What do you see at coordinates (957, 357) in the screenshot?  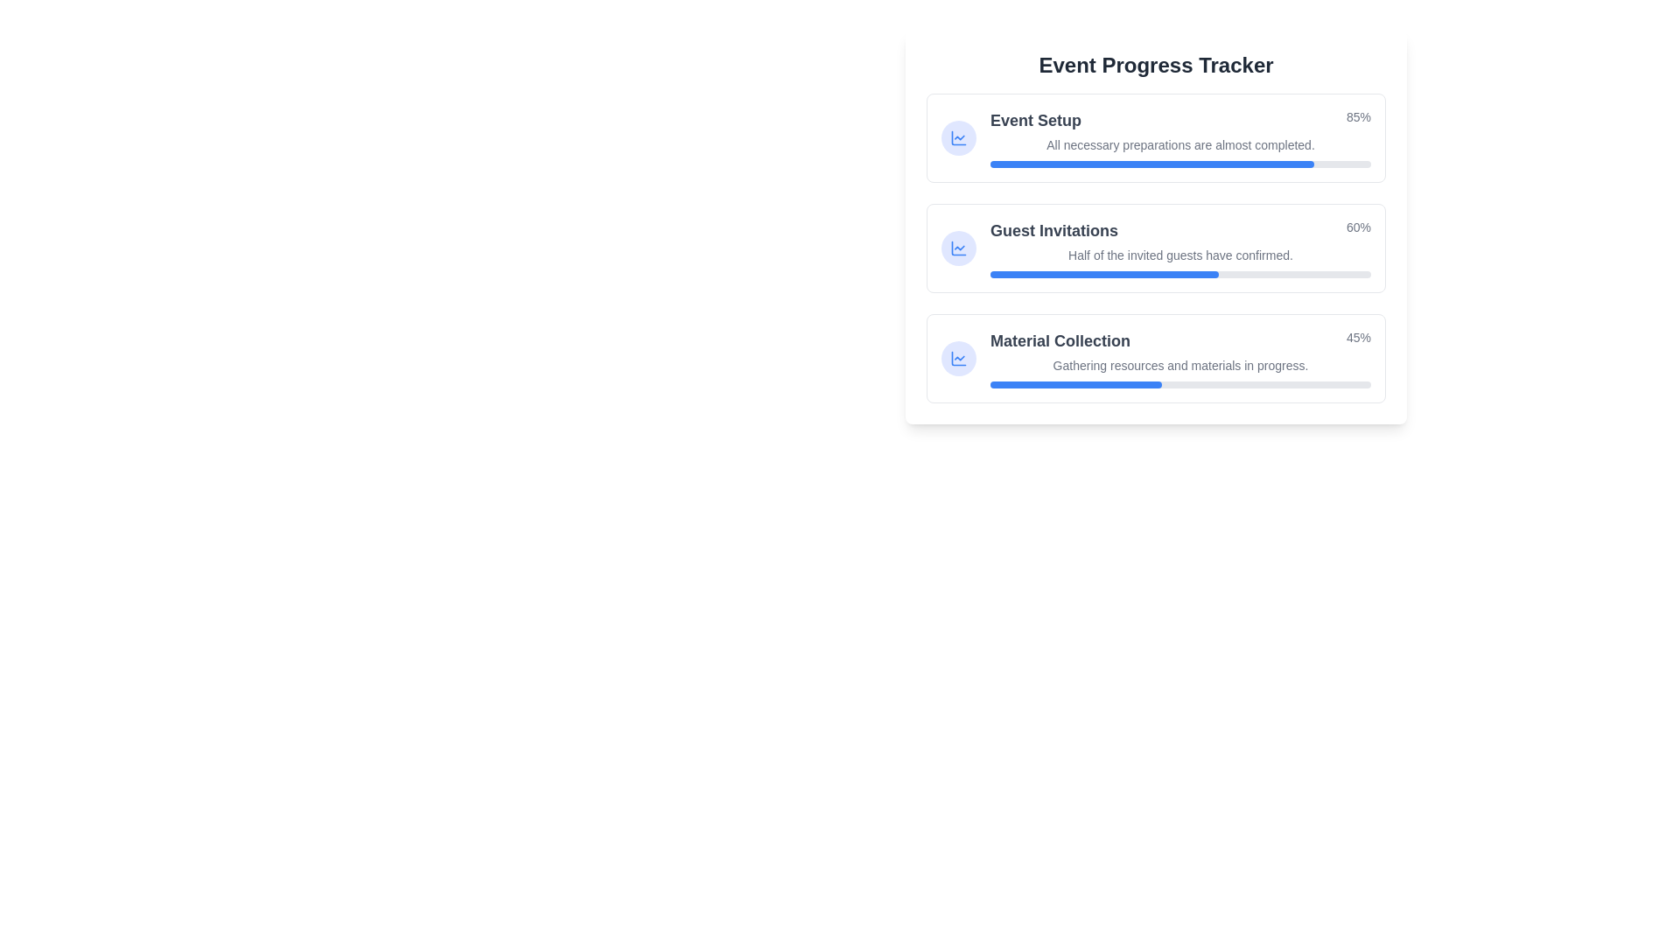 I see `the circular icon with a light indigo background and a blue line chart symbol, located at the left edge of the 'Material Collection' section` at bounding box center [957, 357].